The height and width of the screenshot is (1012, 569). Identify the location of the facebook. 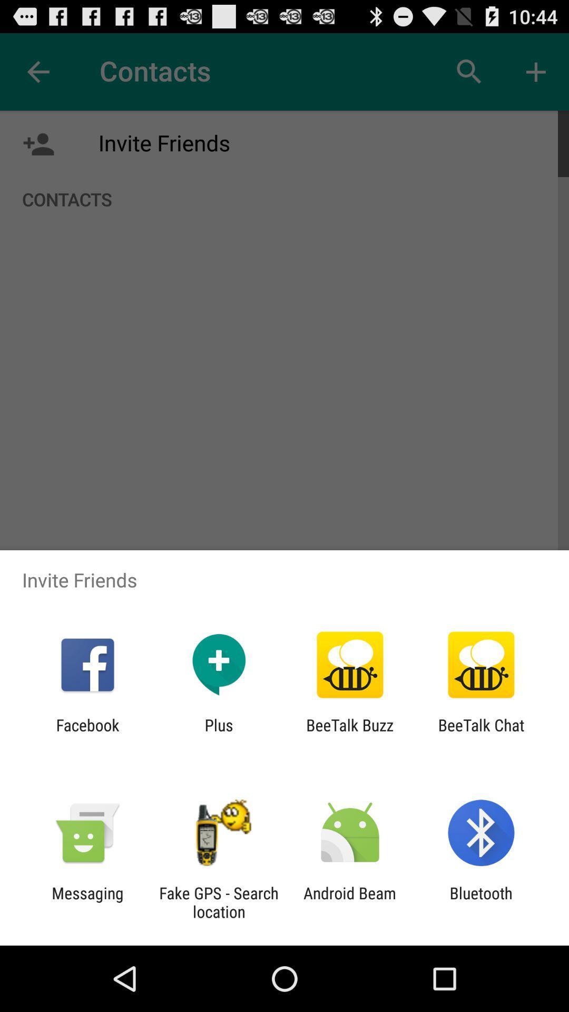
(87, 734).